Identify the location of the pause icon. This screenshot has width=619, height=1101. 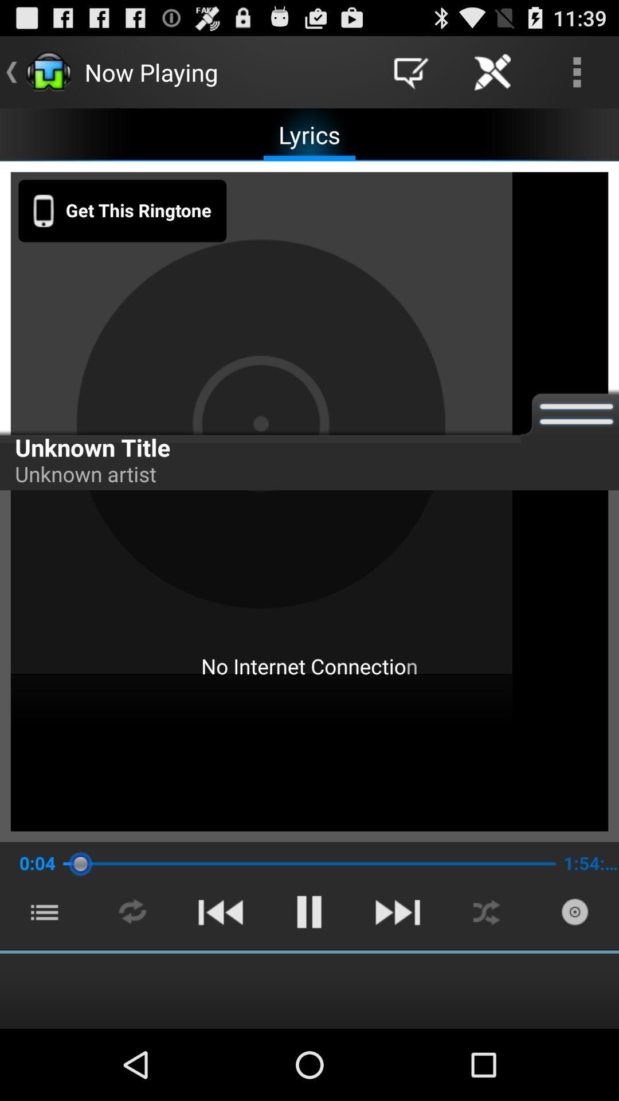
(308, 975).